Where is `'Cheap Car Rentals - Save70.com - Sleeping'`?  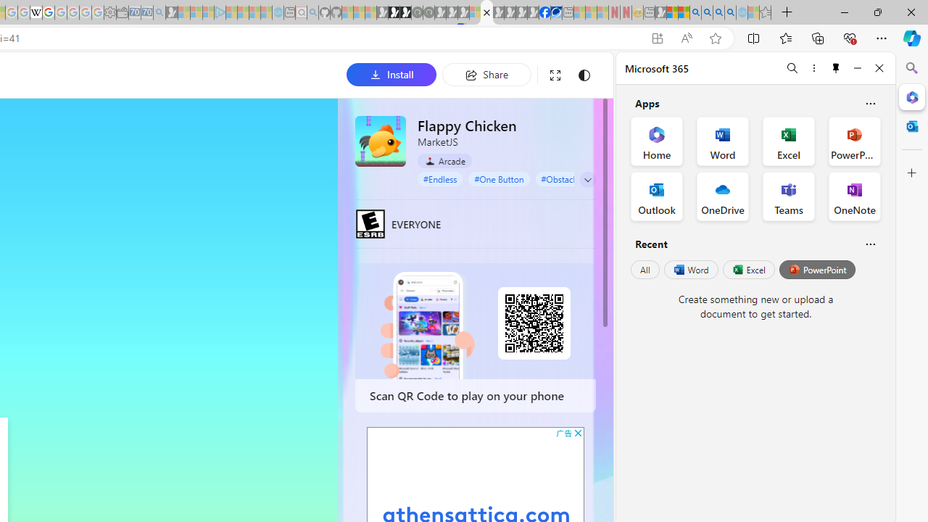
'Cheap Car Rentals - Save70.com - Sleeping' is located at coordinates (146, 12).